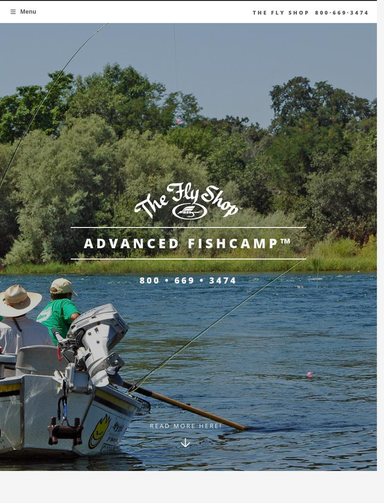  Describe the element at coordinates (83, 242) in the screenshot. I see `'Advanced FishCamp™'` at that location.